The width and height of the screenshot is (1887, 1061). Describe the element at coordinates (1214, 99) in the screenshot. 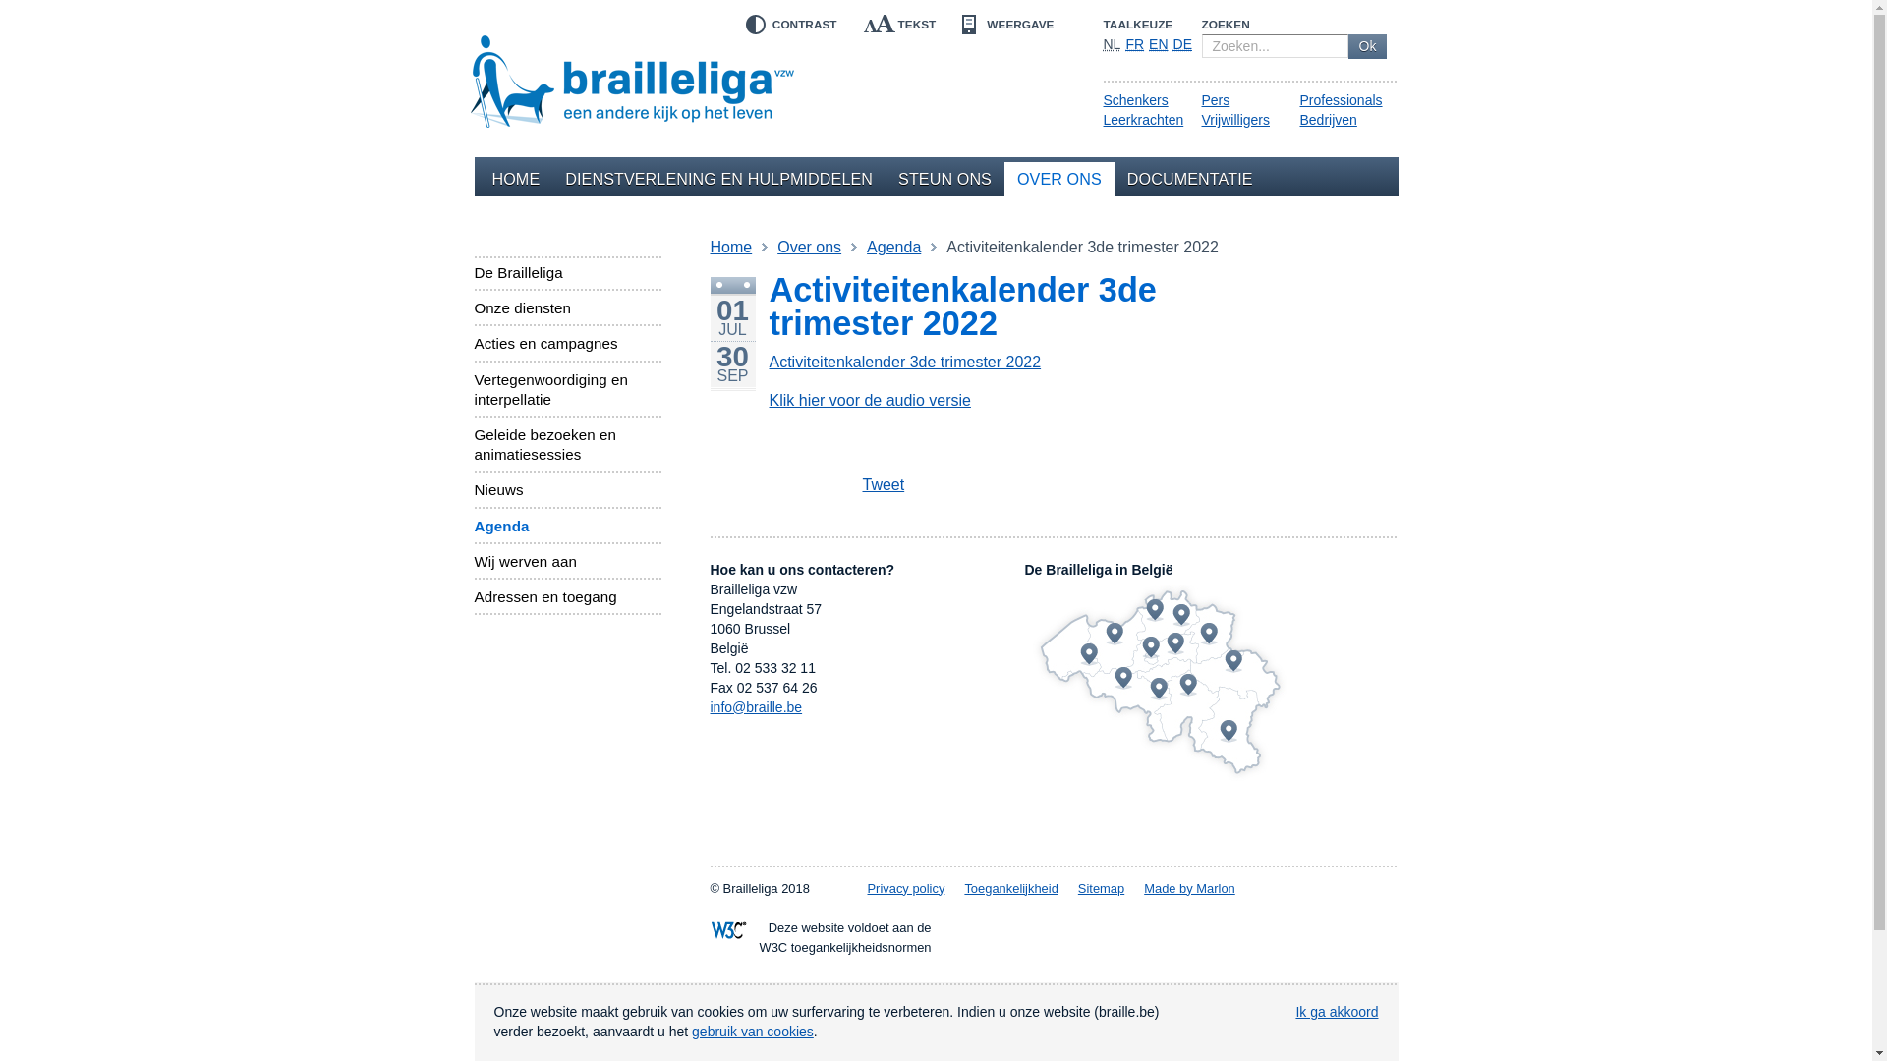

I see `'Pers'` at that location.